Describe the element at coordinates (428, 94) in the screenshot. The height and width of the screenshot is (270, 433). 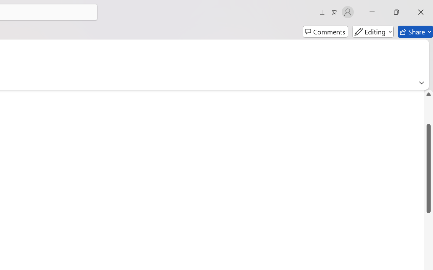
I see `'Line up'` at that location.